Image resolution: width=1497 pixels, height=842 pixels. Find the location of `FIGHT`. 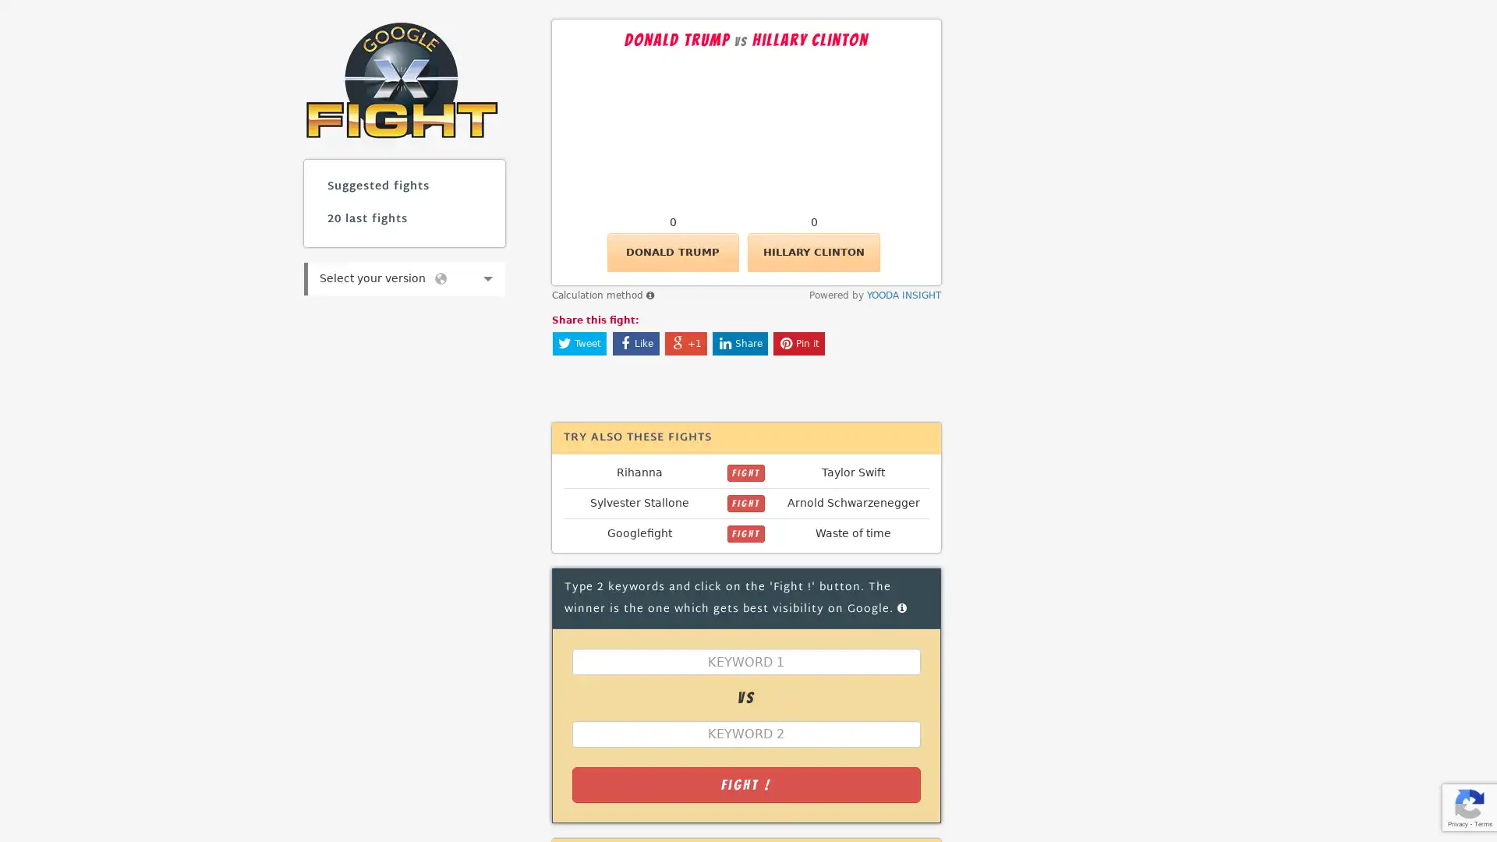

FIGHT is located at coordinates (745, 533).